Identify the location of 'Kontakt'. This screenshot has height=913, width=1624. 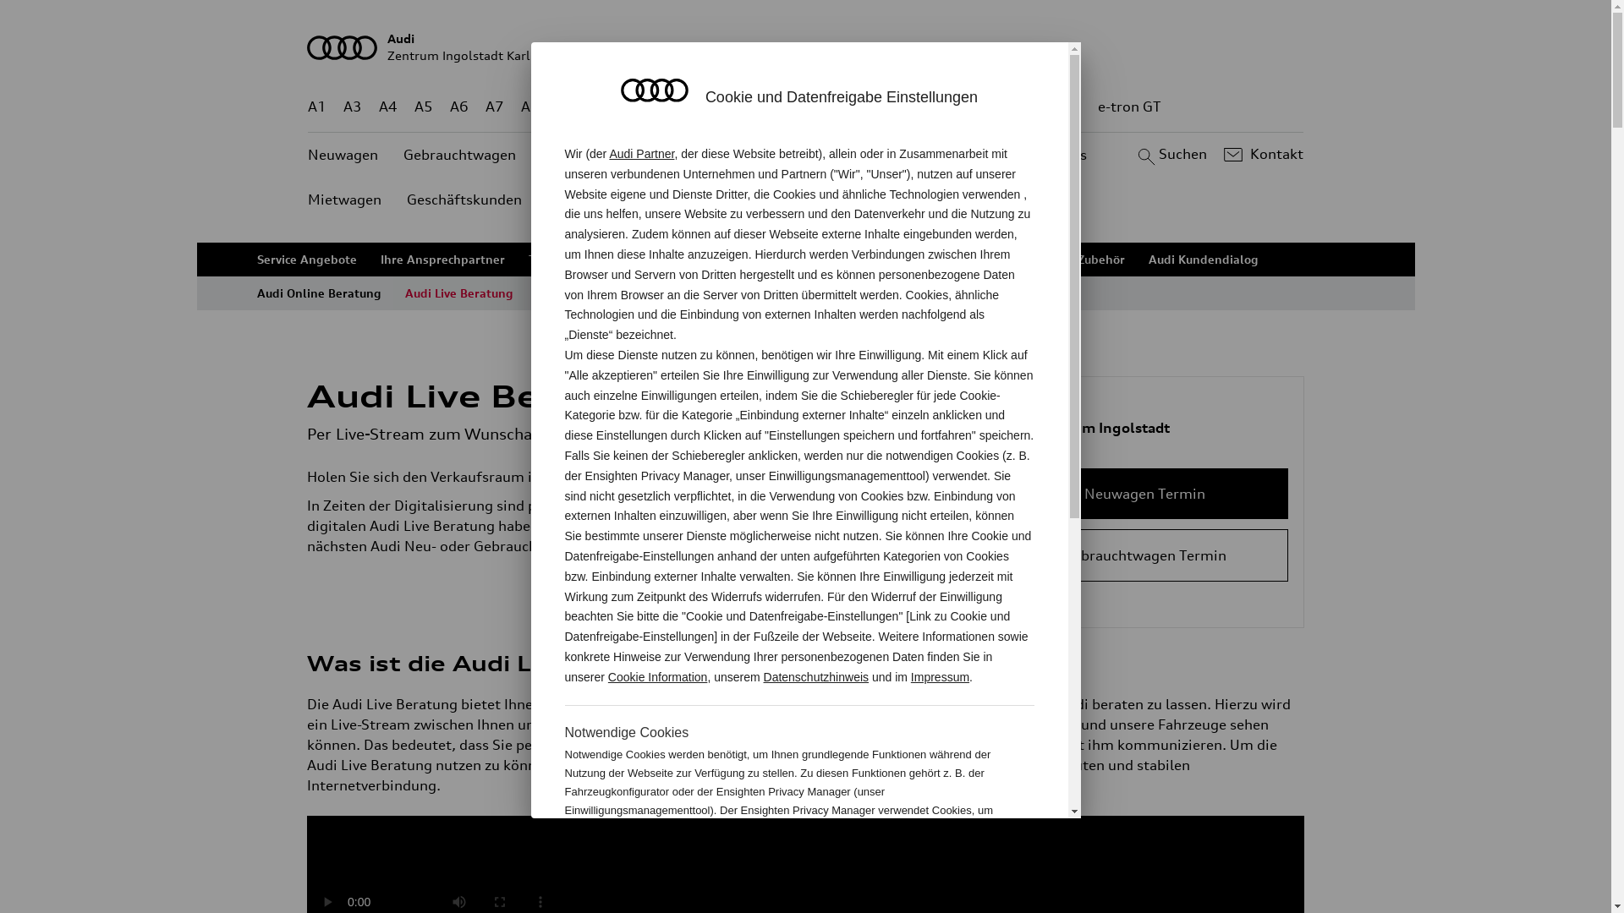
(1261, 154).